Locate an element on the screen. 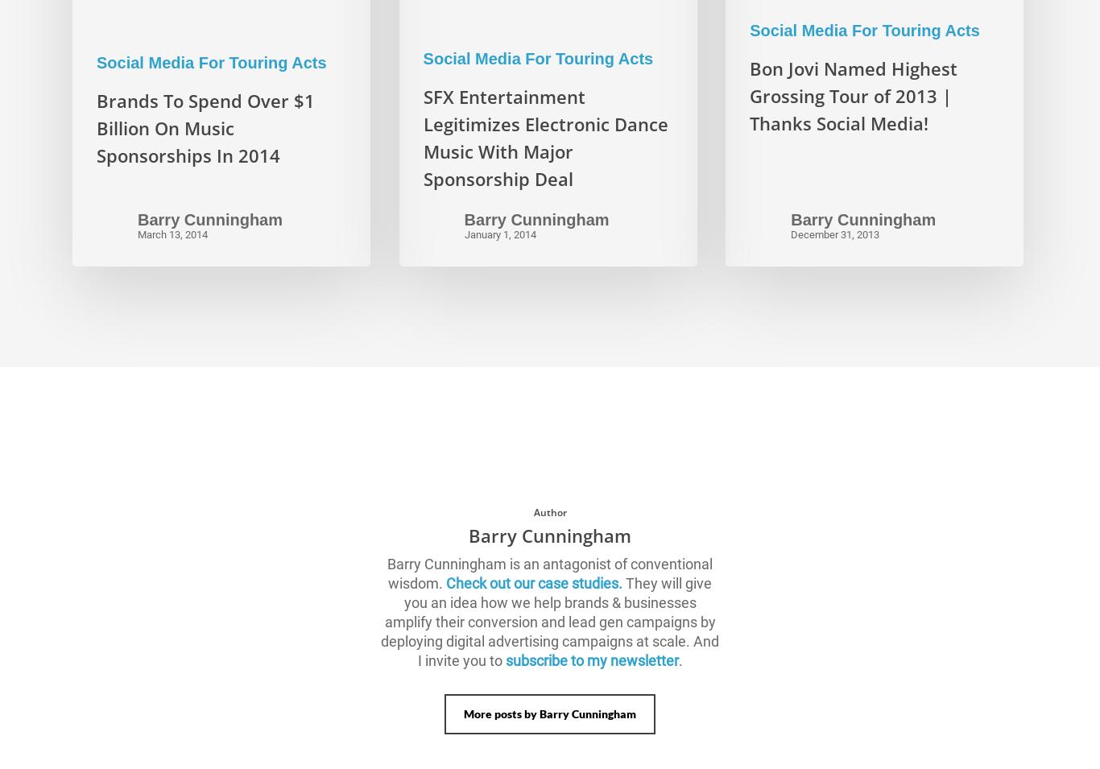 This screenshot has width=1100, height=769. 'December 31, 2013' is located at coordinates (834, 234).